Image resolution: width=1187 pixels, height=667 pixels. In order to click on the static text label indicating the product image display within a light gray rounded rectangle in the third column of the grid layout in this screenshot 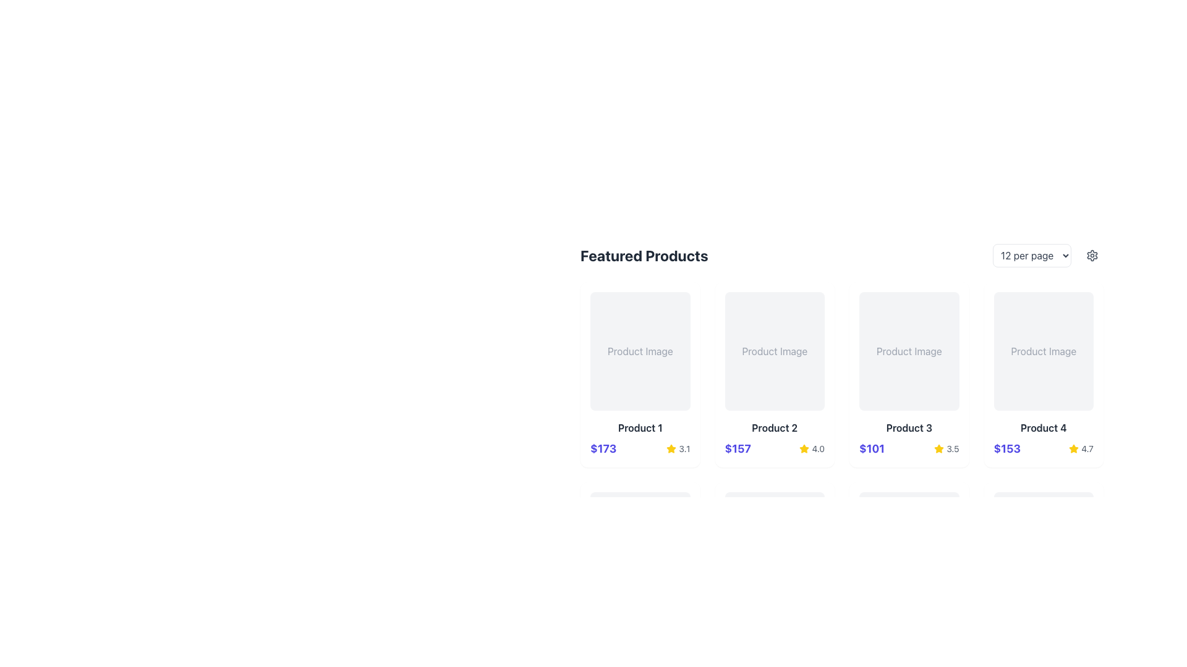, I will do `click(909, 351)`.